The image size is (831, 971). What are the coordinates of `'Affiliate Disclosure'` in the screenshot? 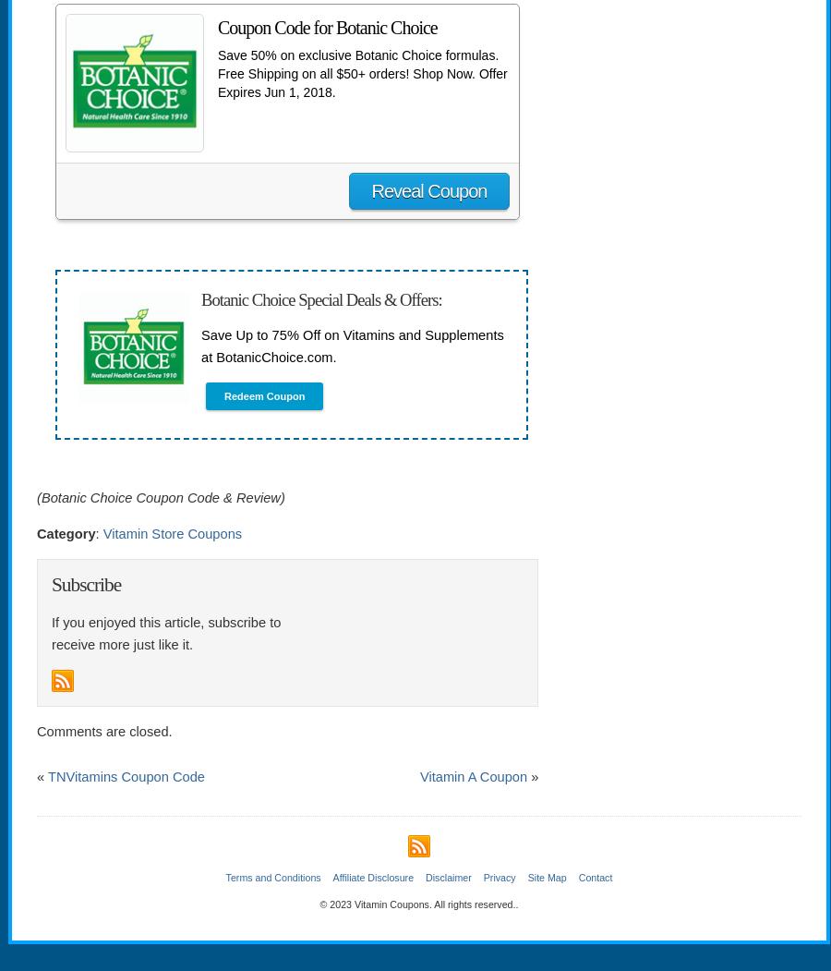 It's located at (332, 875).